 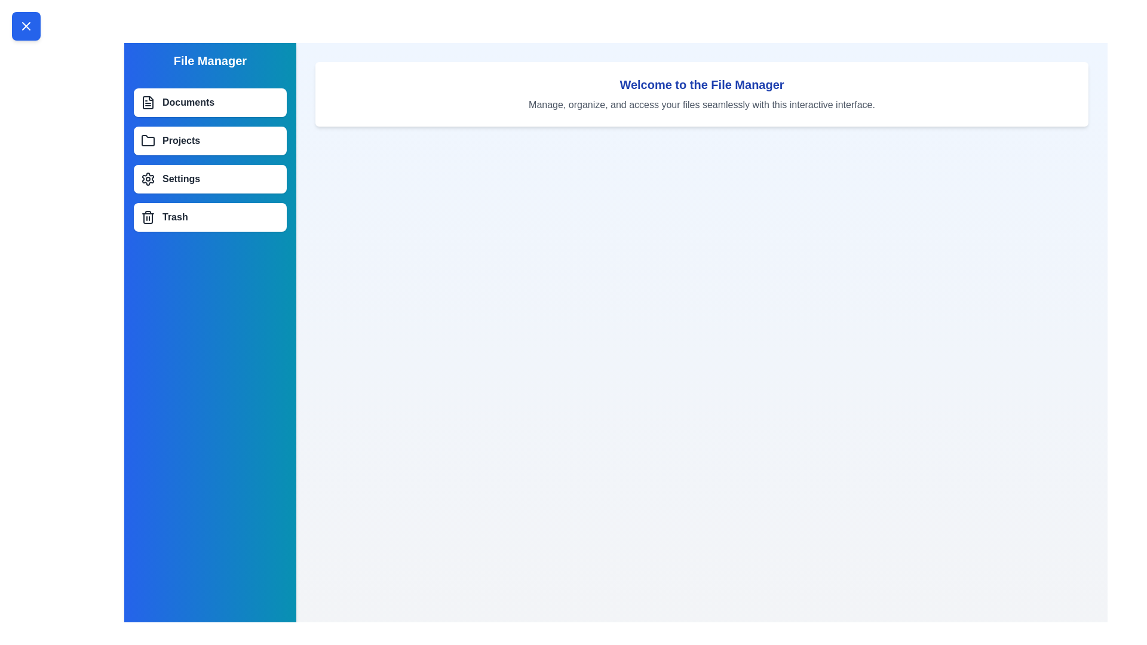 What do you see at coordinates (210, 217) in the screenshot?
I see `the menu item labeled Trash to select it` at bounding box center [210, 217].